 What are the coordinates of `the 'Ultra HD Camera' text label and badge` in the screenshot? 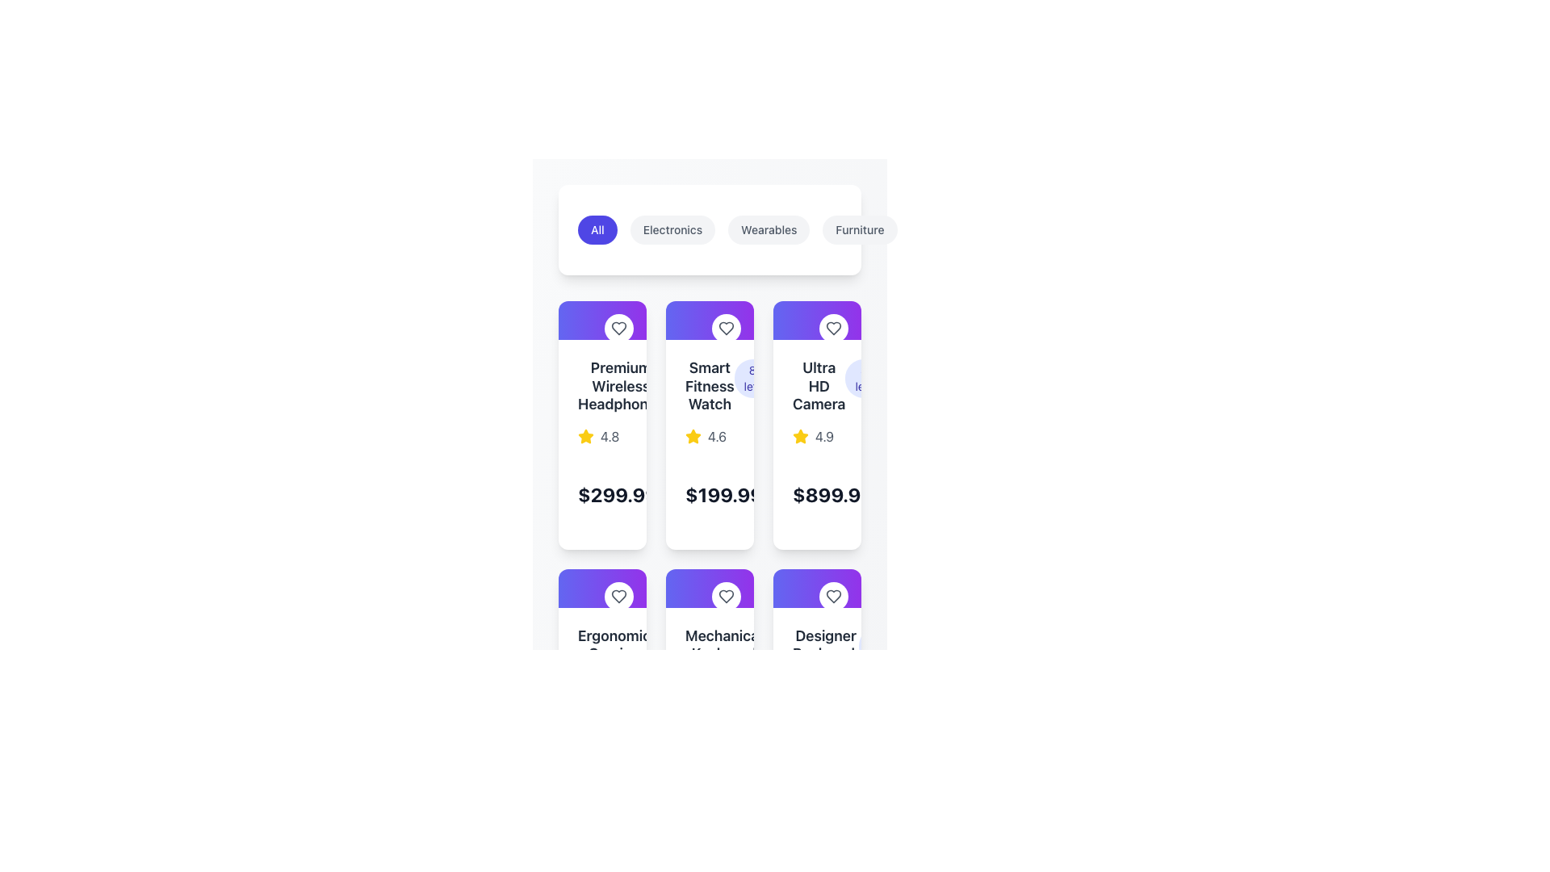 It's located at (817, 386).